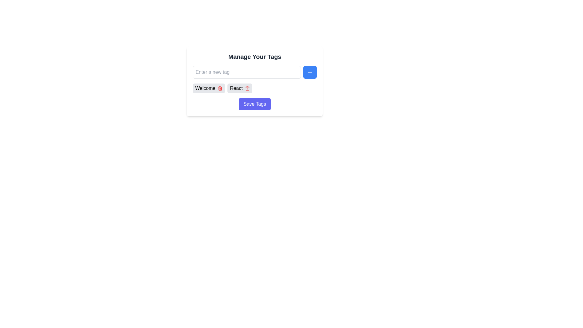 The image size is (583, 328). Describe the element at coordinates (310, 72) in the screenshot. I see `the cross-shaped icon with a blue background and white lines, located within the blue button to the right of the 'Enter a new tag' input field` at that location.